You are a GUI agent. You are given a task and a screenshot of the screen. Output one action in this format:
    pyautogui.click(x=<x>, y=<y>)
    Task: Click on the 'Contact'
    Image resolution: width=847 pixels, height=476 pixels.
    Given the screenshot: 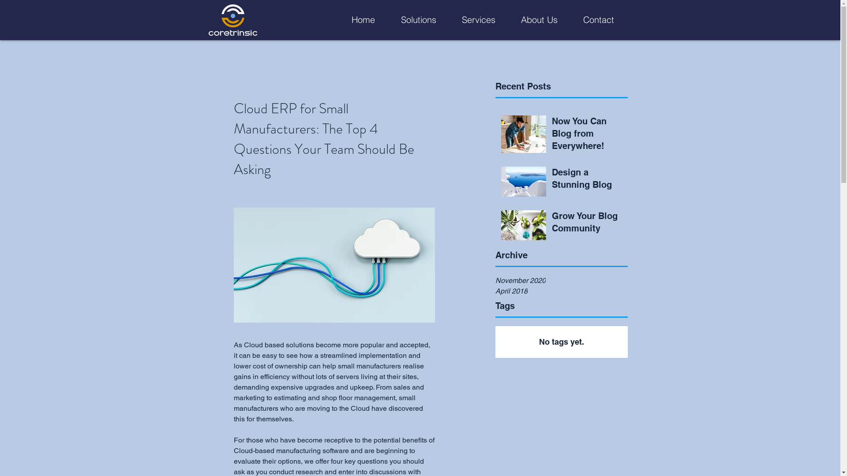 What is the action you would take?
    pyautogui.click(x=592, y=20)
    